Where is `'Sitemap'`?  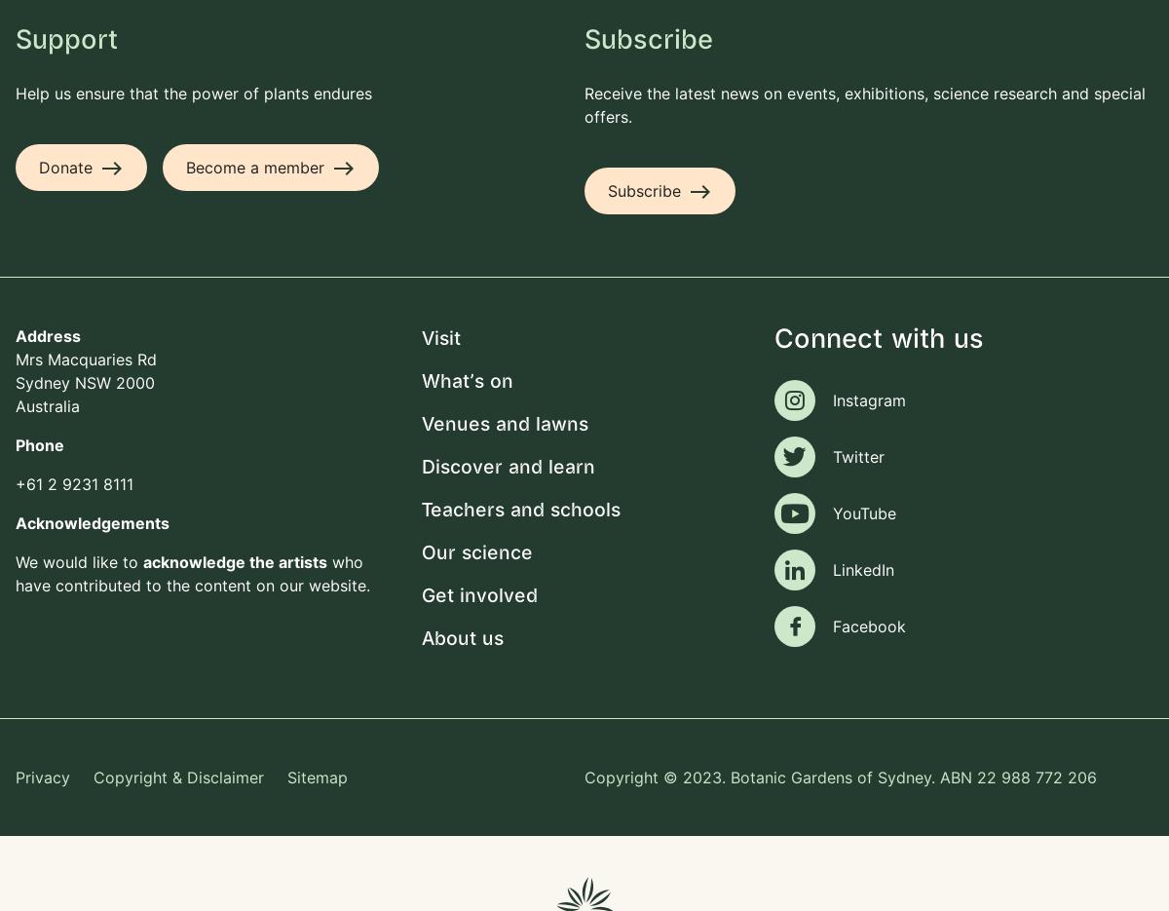 'Sitemap' is located at coordinates (318, 775).